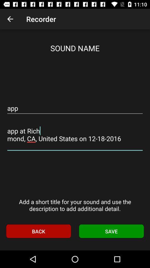  What do you see at coordinates (10, 19) in the screenshot?
I see `the item above sound name` at bounding box center [10, 19].